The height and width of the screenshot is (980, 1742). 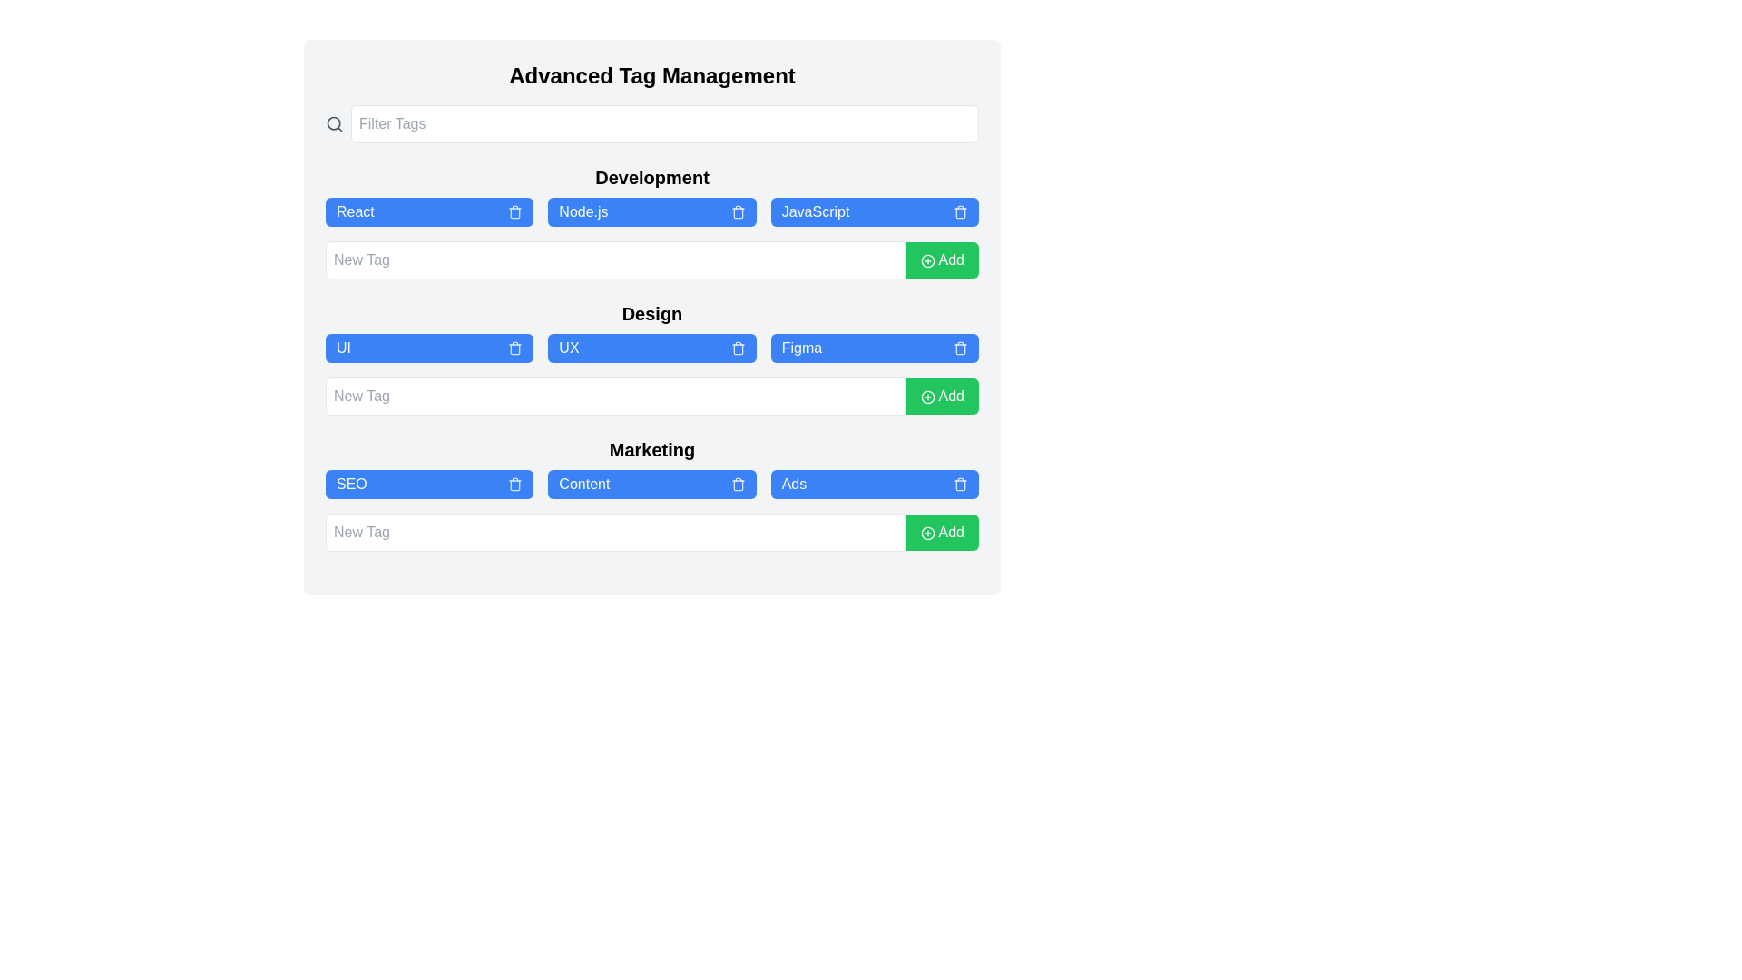 I want to click on the group of buttons representing selectable tags or categories related to development technologies, so click(x=652, y=211).